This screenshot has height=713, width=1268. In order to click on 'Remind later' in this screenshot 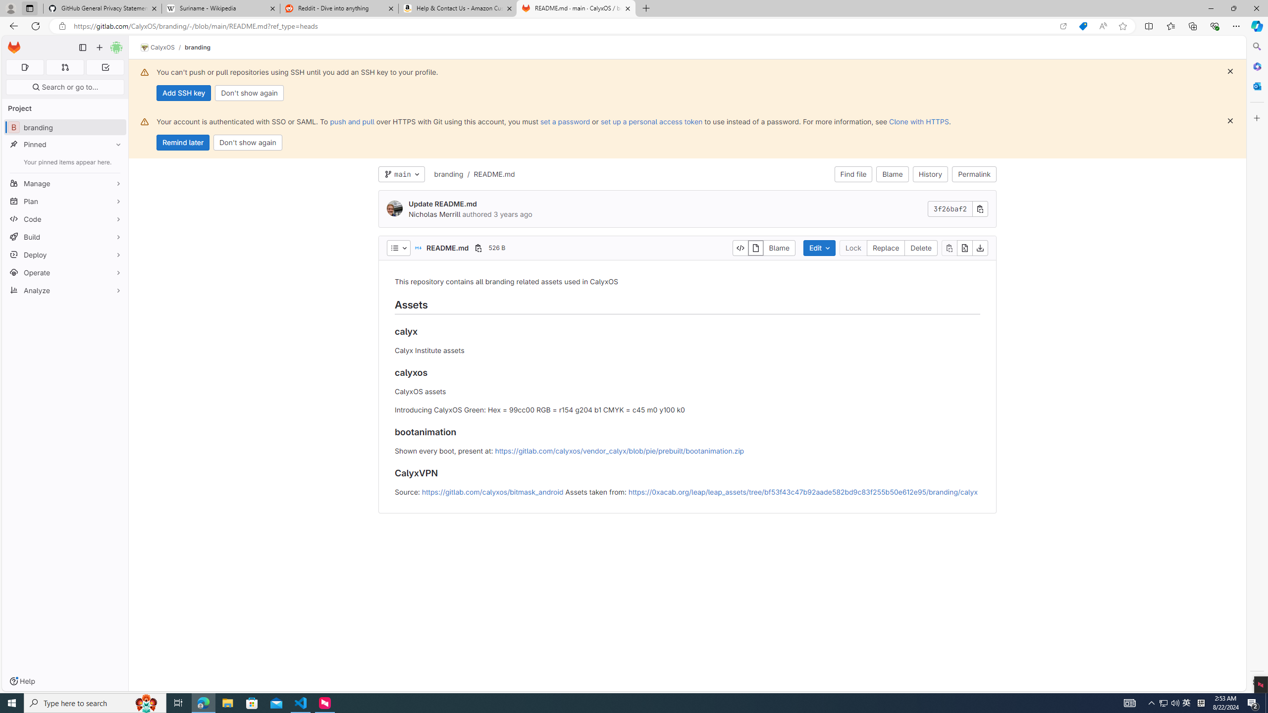, I will do `click(182, 142)`.